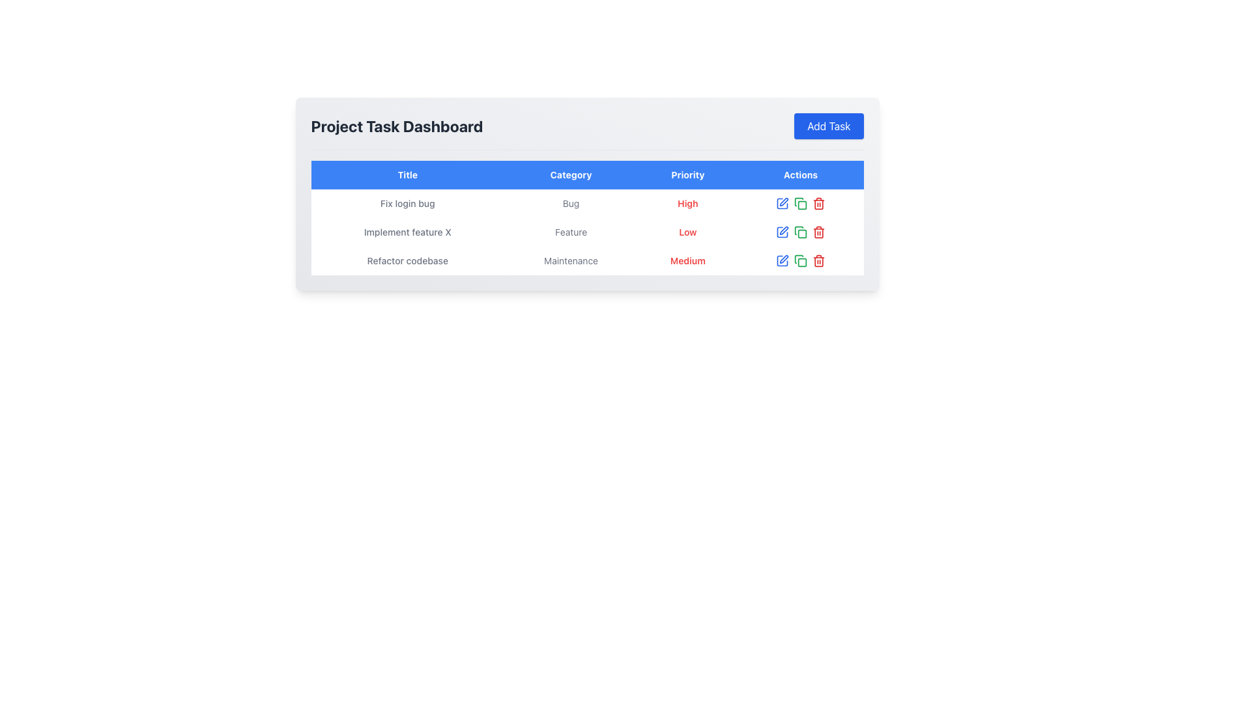  Describe the element at coordinates (407, 261) in the screenshot. I see `the static text label displaying 'Refactor codebase' in the third row under the 'Title' column of the task table in the 'Project Task Dashboard'` at that location.